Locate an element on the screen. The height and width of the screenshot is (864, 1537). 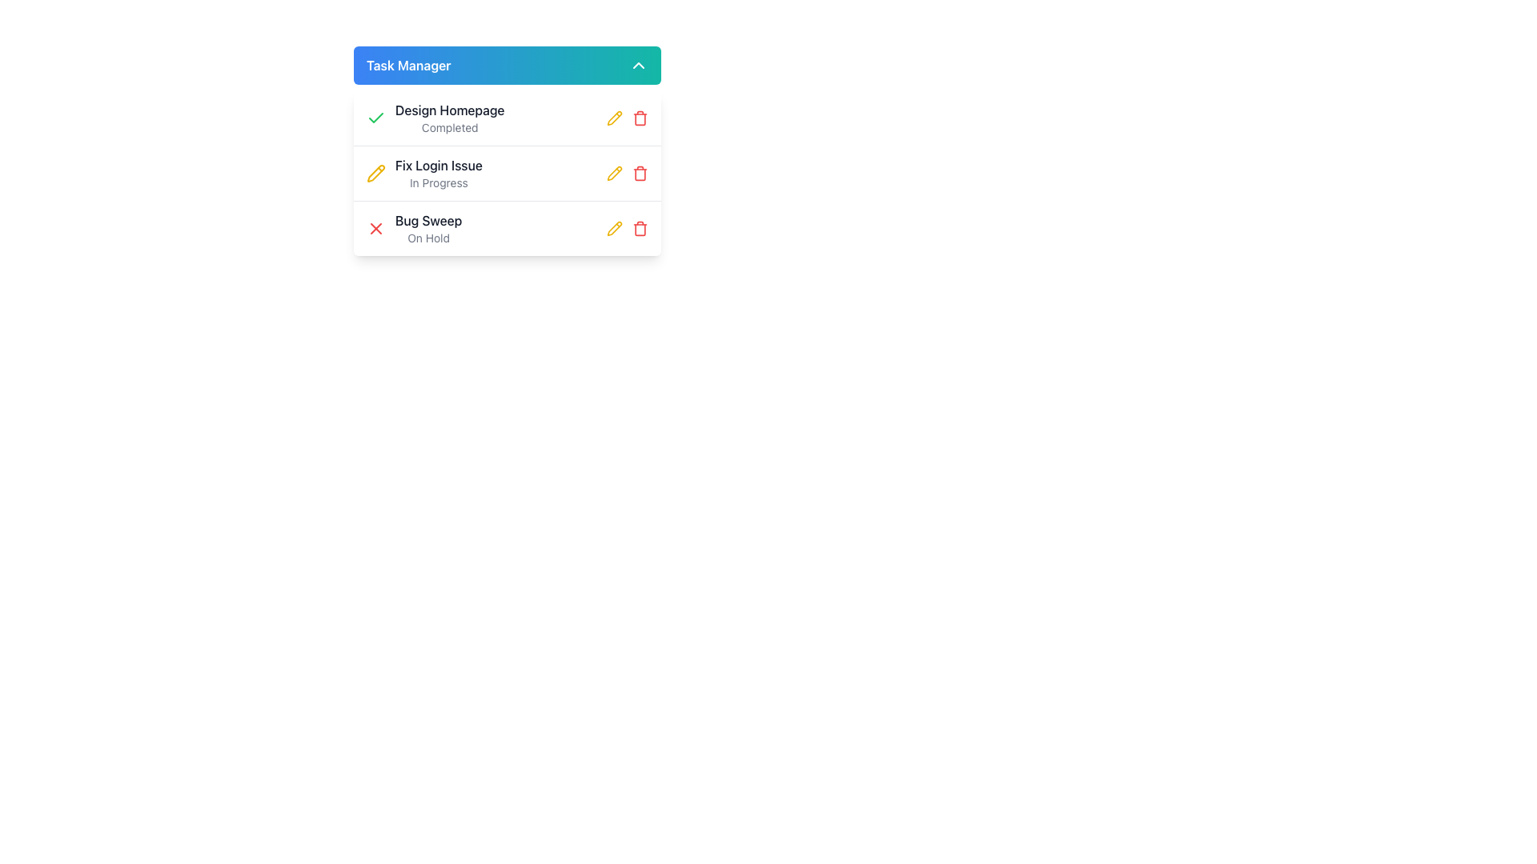
the status indicator icon for the 'Bug Sweep' task, which is located in the third row of the task list and marks it as 'On Hold' is located at coordinates (375, 228).